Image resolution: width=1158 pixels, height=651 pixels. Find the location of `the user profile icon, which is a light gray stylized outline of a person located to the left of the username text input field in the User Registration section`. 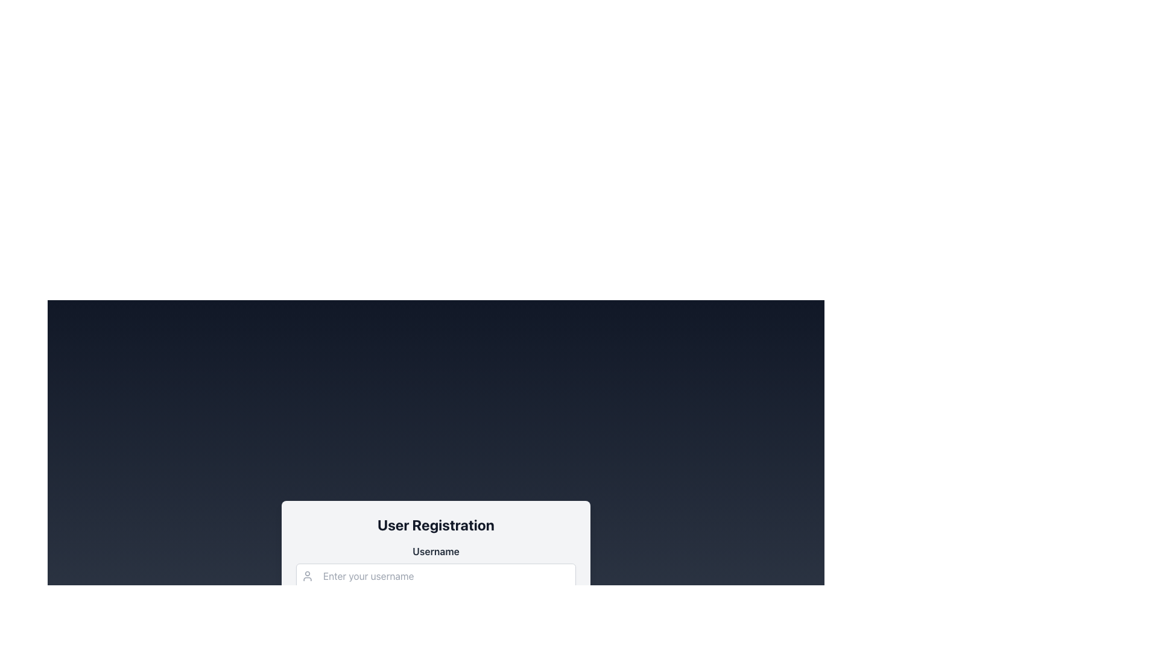

the user profile icon, which is a light gray stylized outline of a person located to the left of the username text input field in the User Registration section is located at coordinates (307, 576).